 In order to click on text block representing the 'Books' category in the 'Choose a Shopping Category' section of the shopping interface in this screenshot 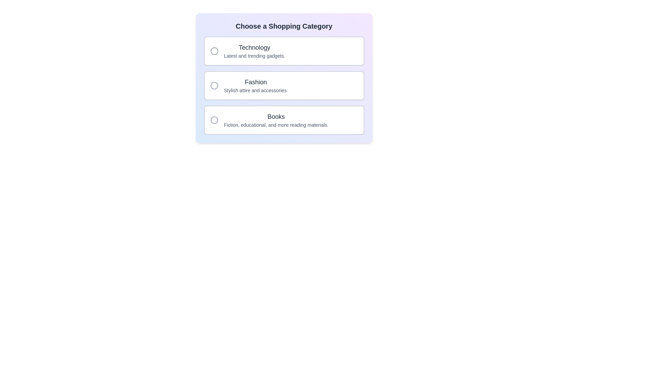, I will do `click(276, 119)`.